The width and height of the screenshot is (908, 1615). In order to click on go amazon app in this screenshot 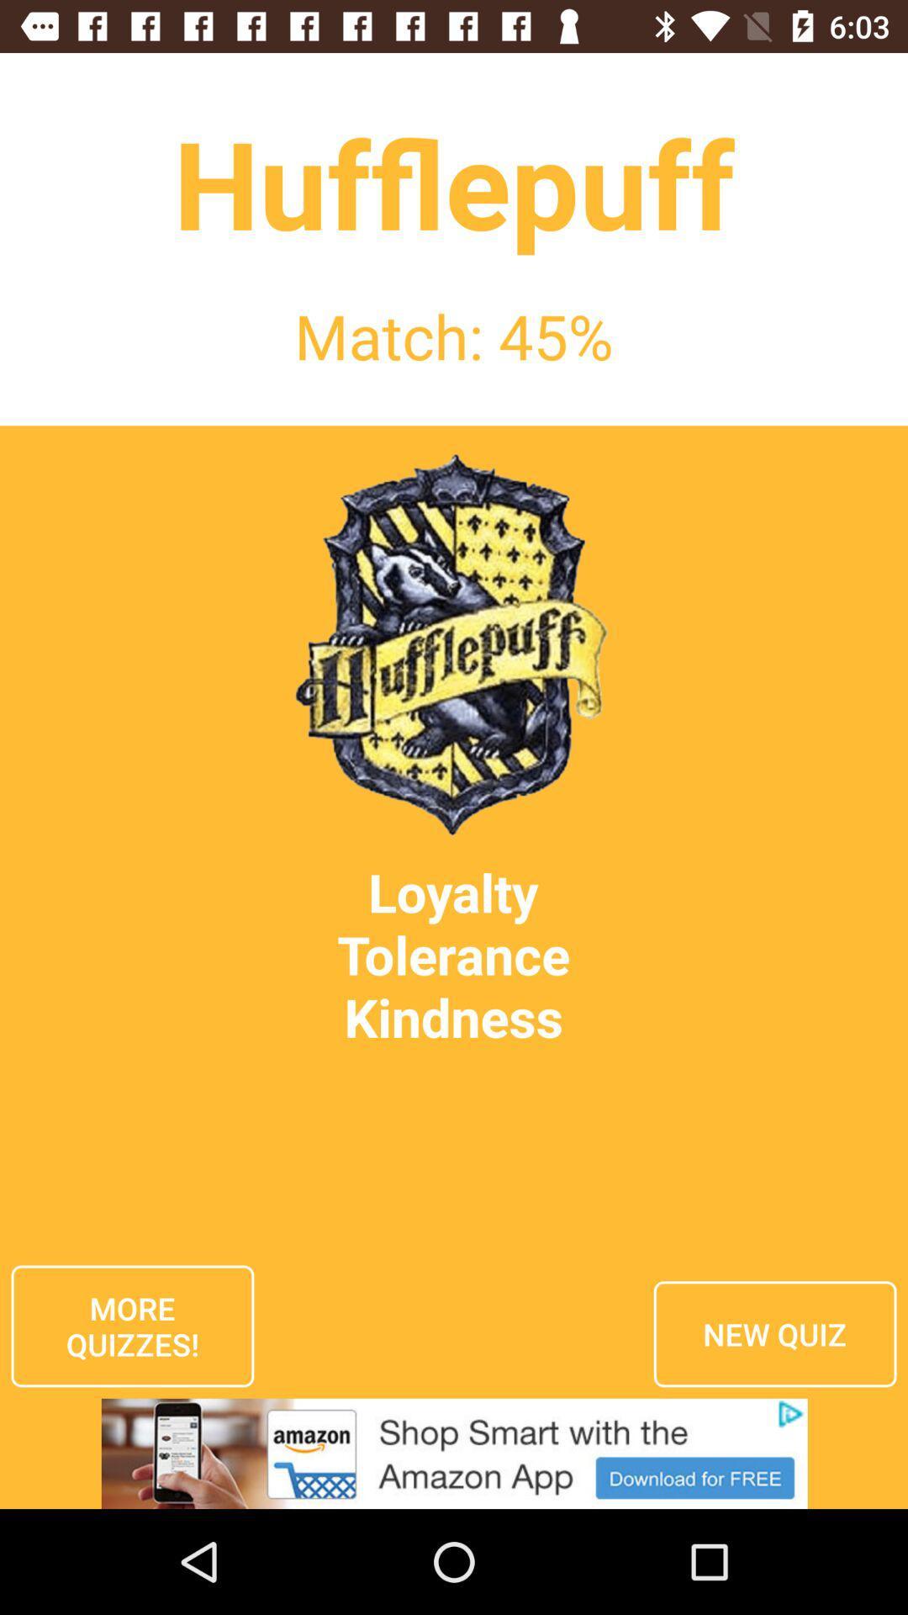, I will do `click(454, 1453)`.